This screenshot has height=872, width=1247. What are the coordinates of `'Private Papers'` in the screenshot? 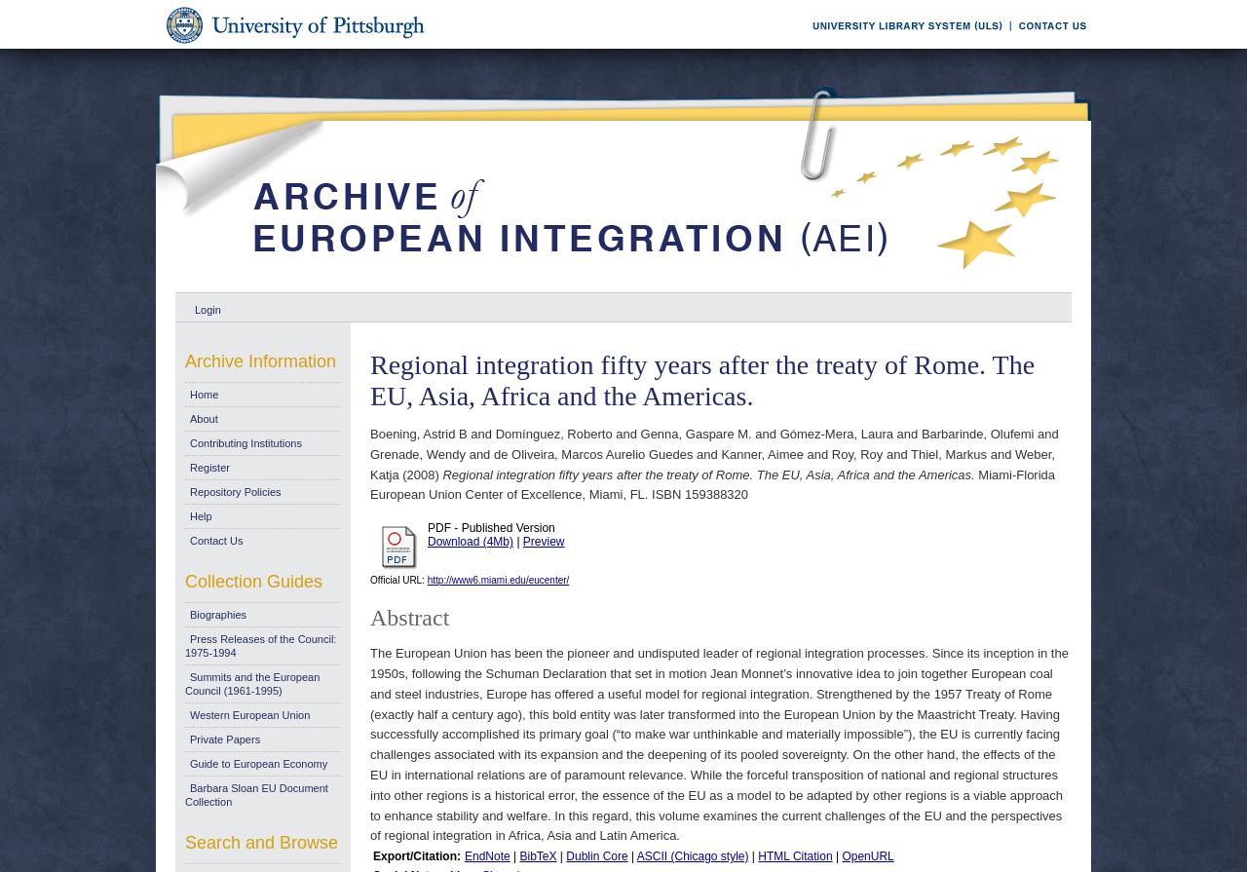 It's located at (225, 738).